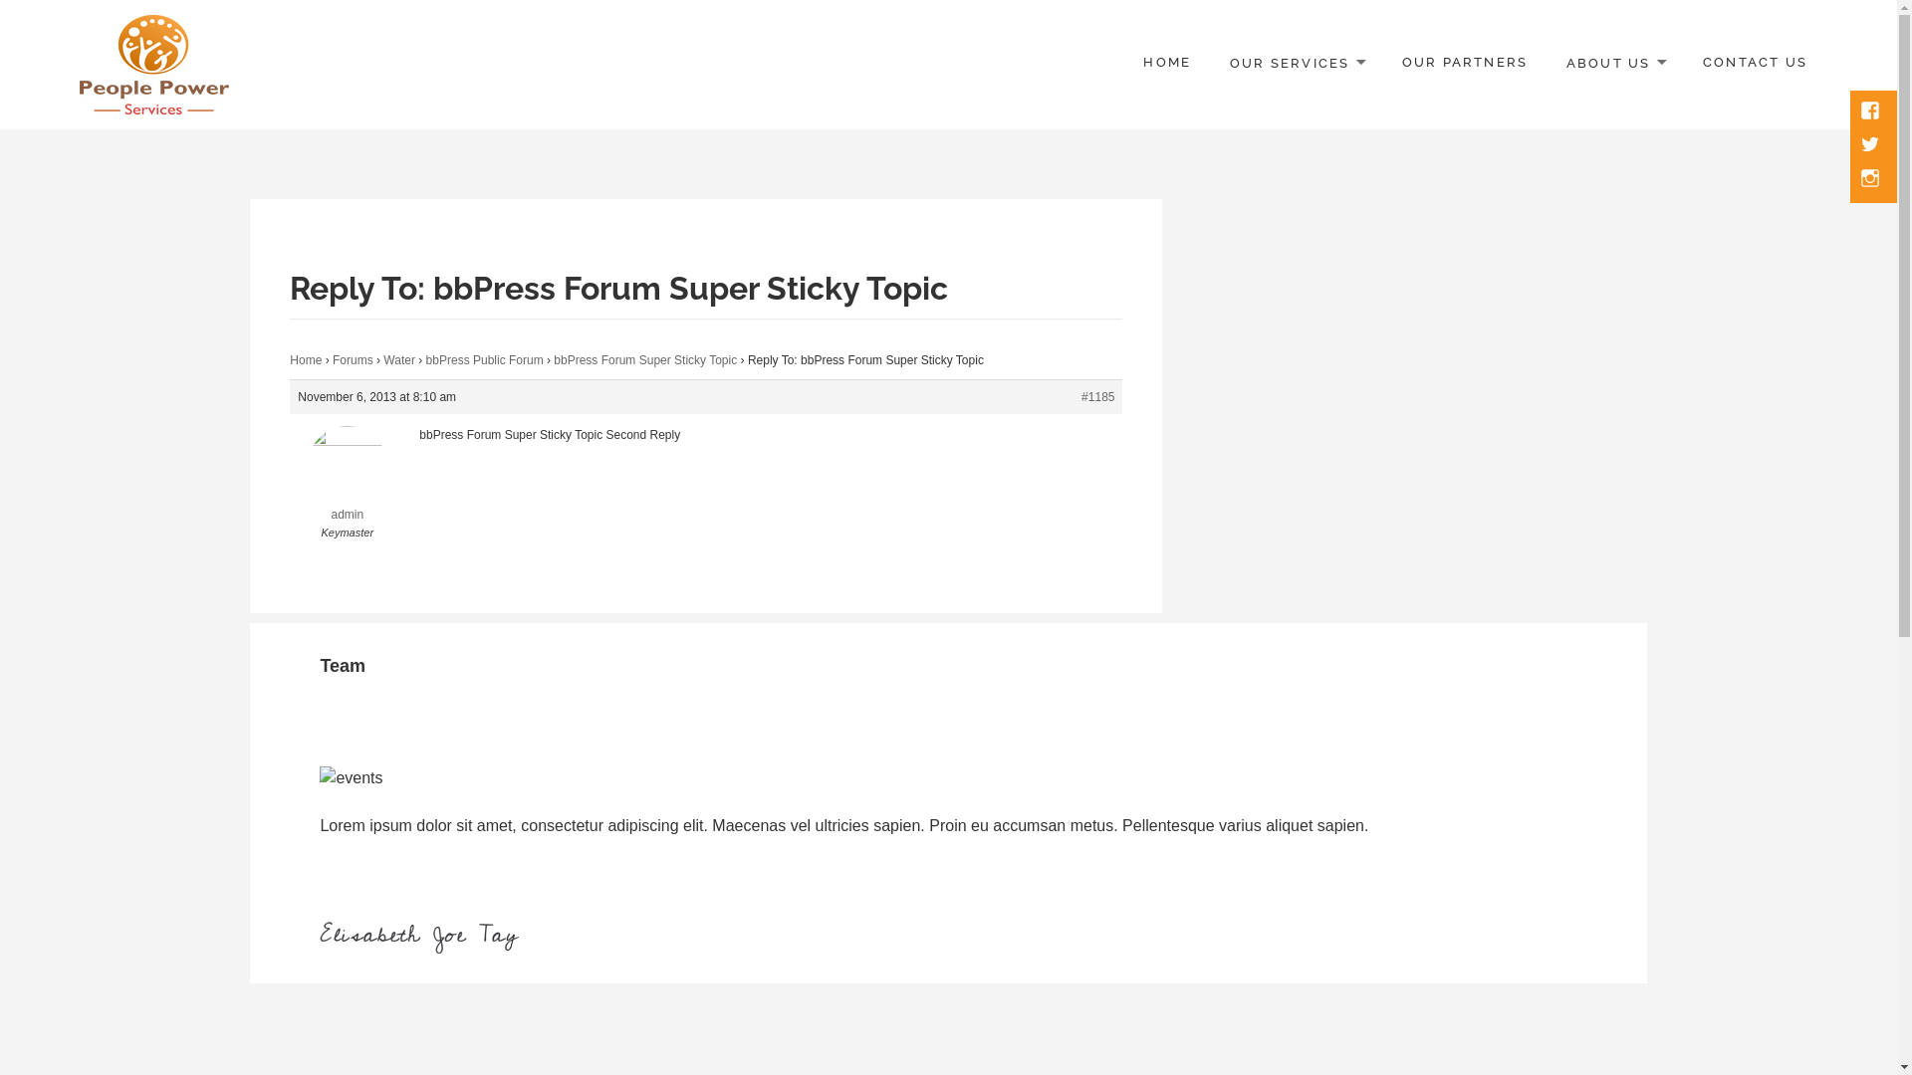 This screenshot has height=1075, width=1912. I want to click on 'Home', so click(305, 360).